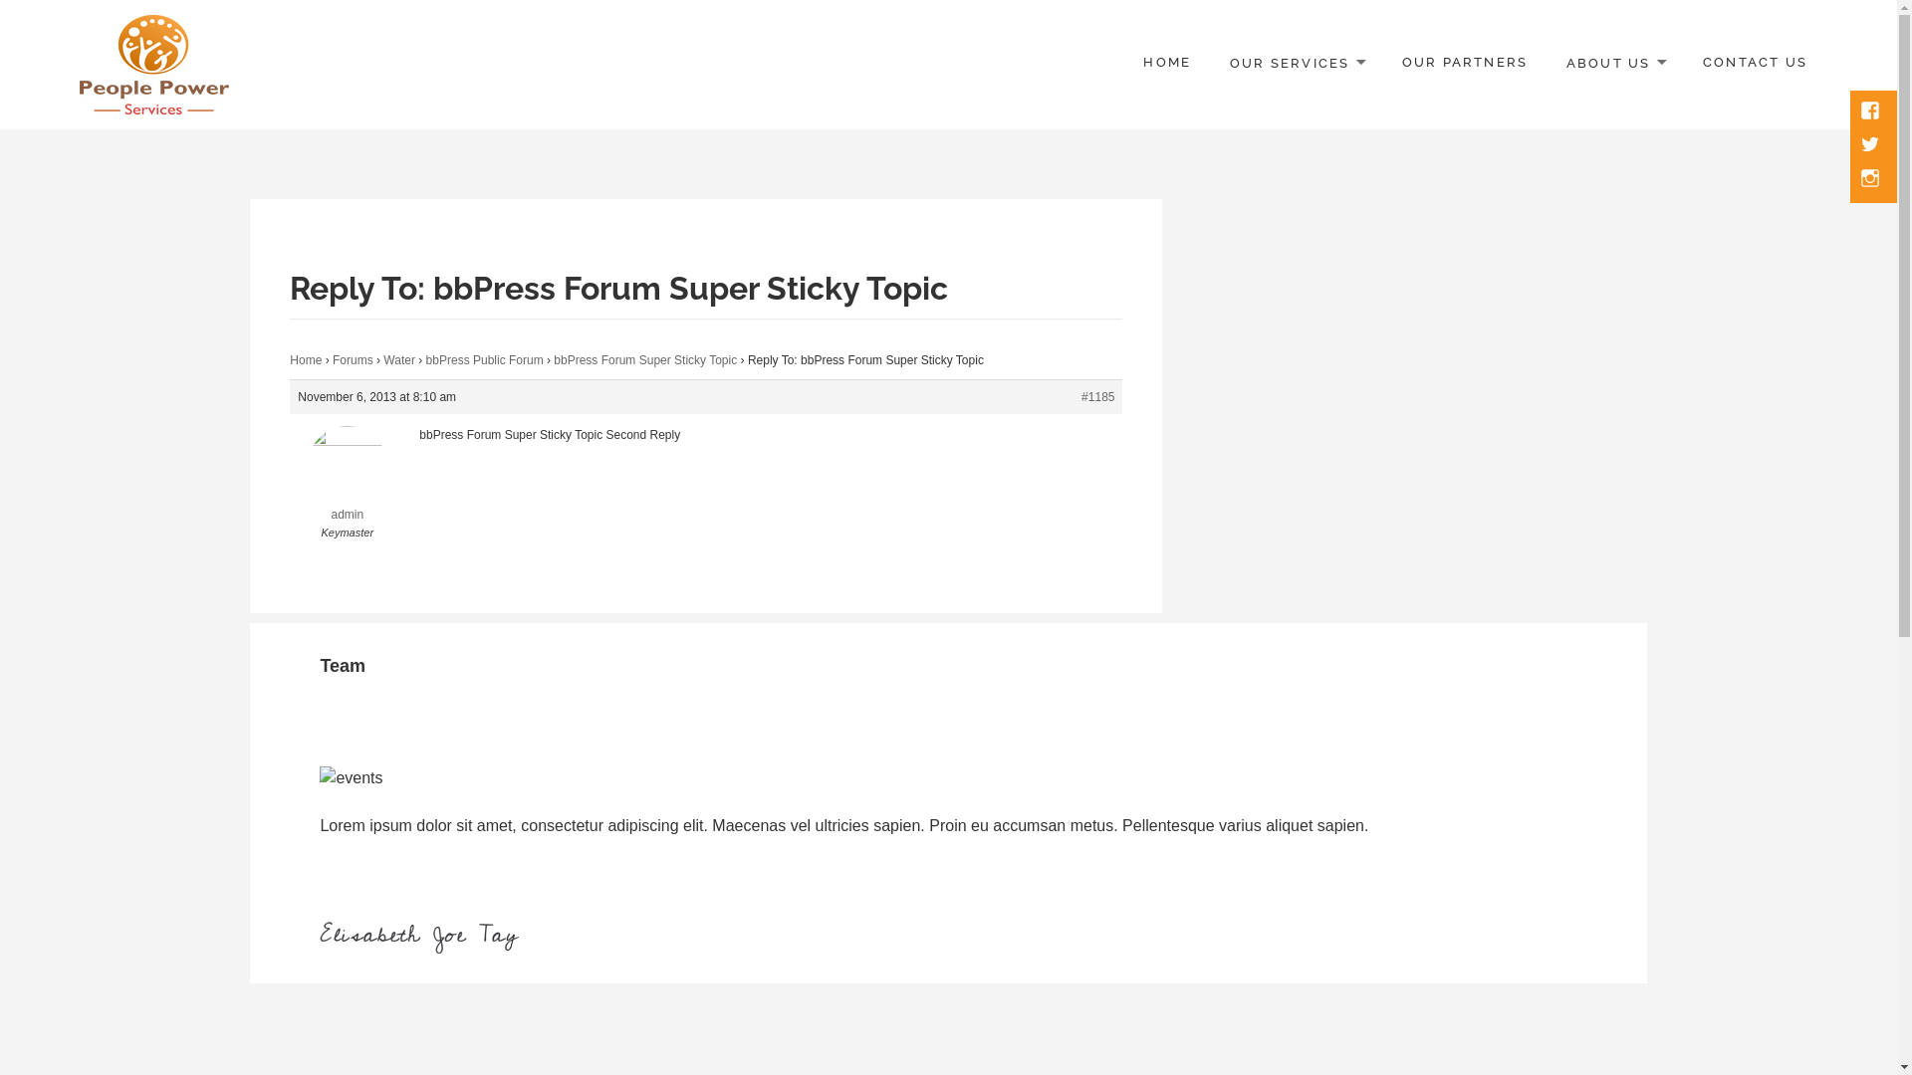 This screenshot has height=1075, width=1912. I want to click on 'Home', so click(305, 360).